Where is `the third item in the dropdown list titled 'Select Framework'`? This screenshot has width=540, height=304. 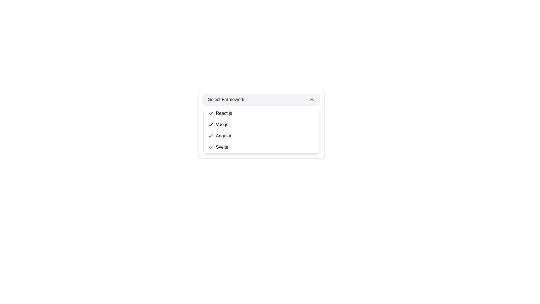
the third item in the dropdown list titled 'Select Framework' is located at coordinates (219, 136).